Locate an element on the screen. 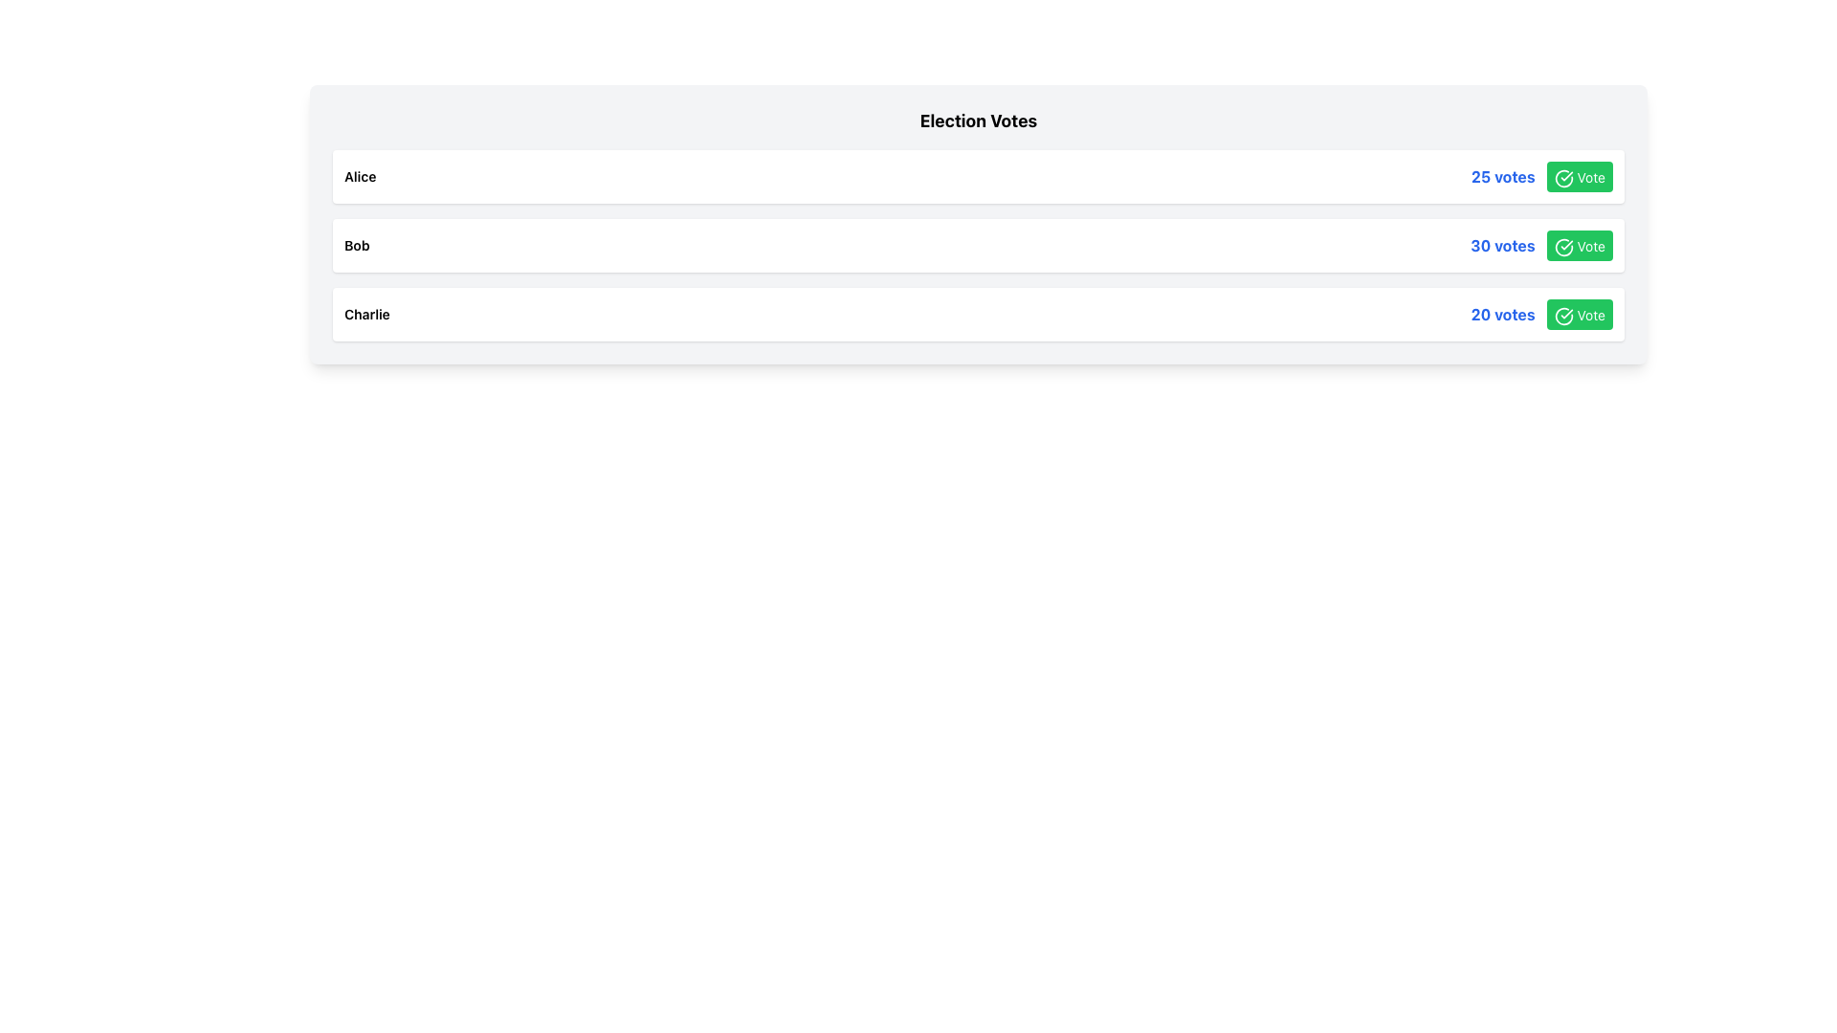  the text label displaying the current count of votes, which is located to the left of the 'Vote' button in the second row of the list is located at coordinates (1501, 245).